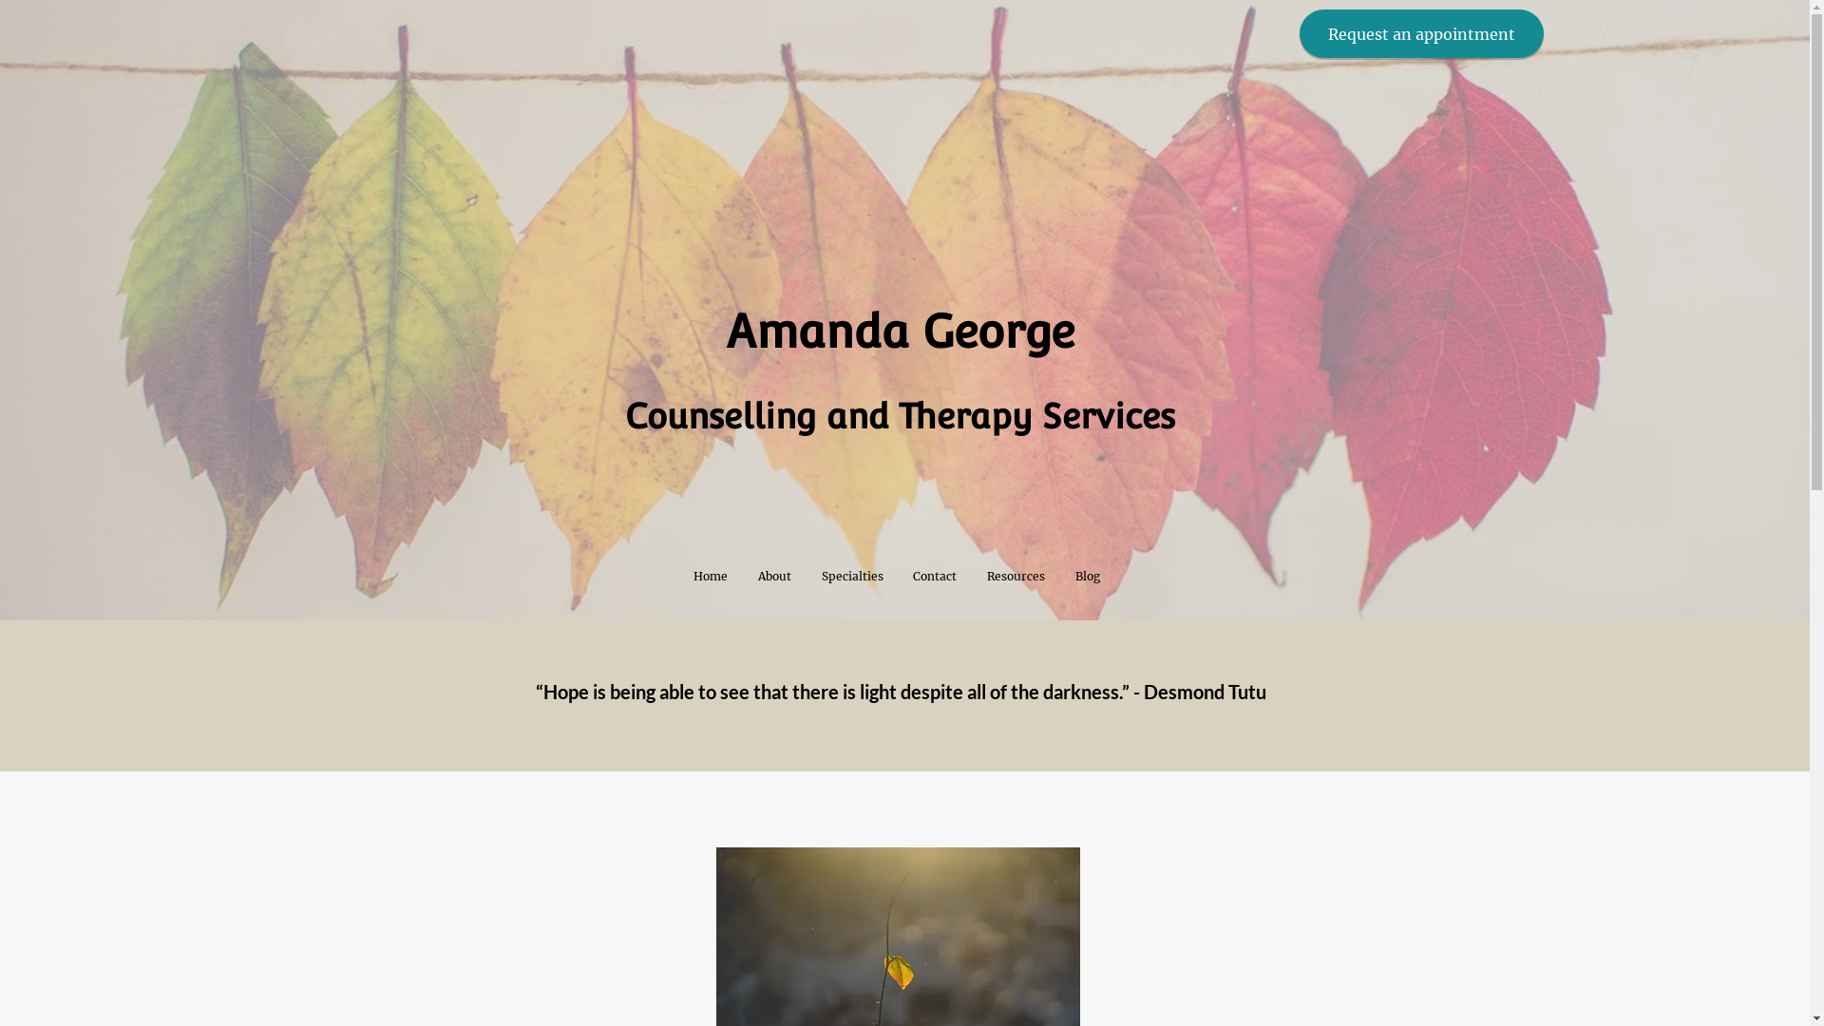  What do you see at coordinates (774, 575) in the screenshot?
I see `'About'` at bounding box center [774, 575].